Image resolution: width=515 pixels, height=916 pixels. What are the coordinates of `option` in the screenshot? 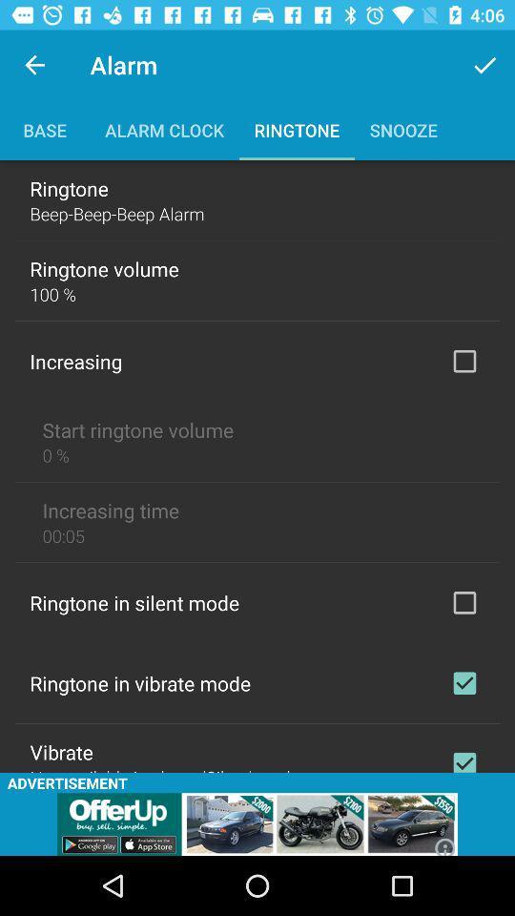 It's located at (463, 683).